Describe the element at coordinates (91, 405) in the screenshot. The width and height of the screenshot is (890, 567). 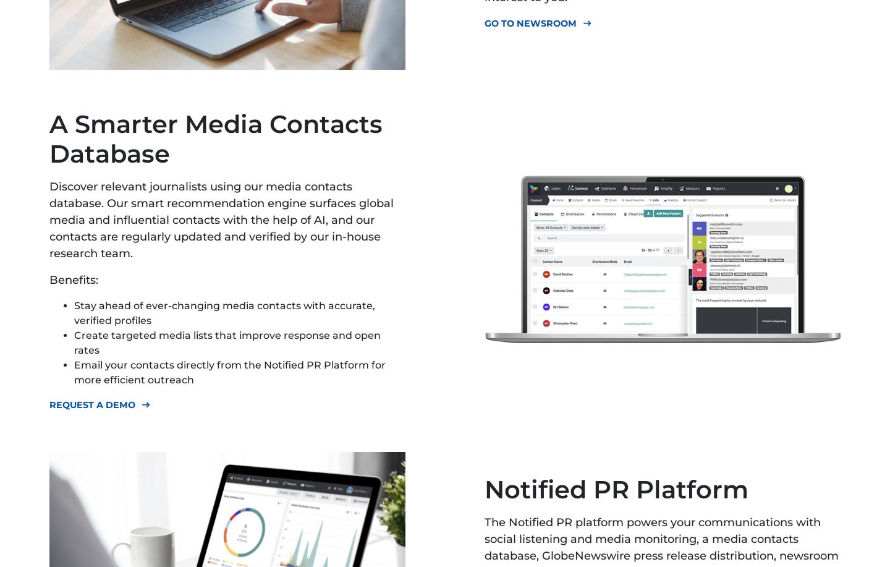
I see `'Request A Demo'` at that location.